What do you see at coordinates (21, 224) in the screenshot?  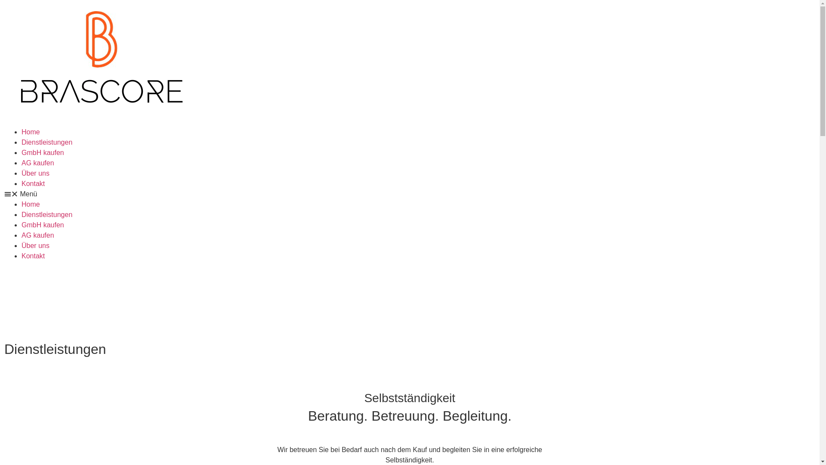 I see `'GmbH kaufen'` at bounding box center [21, 224].